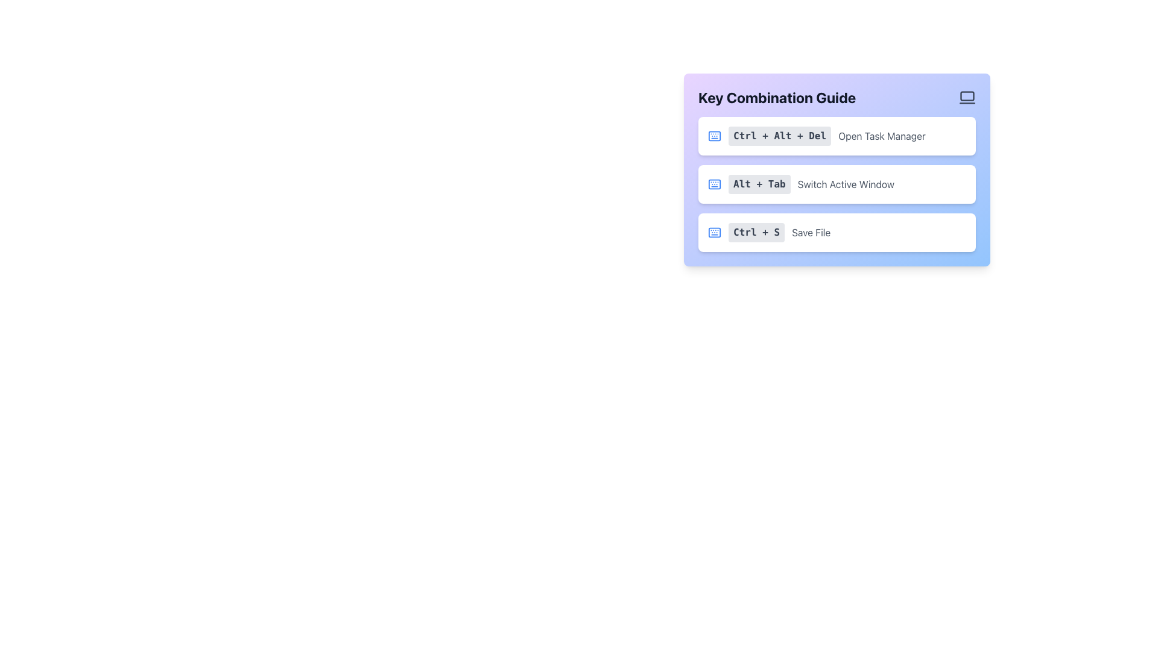 The height and width of the screenshot is (651, 1158). I want to click on the 'Save File' text label, which is the third text component in the 'Key Combination Guide' panel, aligned to the right of 'Ctrl + S', so click(811, 232).